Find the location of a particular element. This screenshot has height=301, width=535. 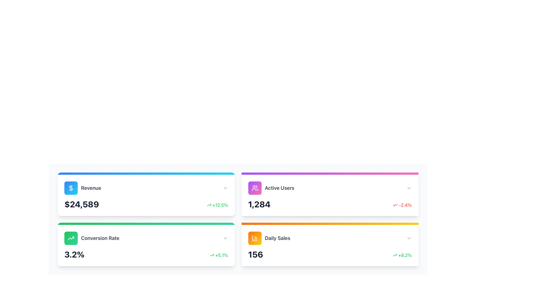

the decorative bar located at the top section of the 'Daily Sales' card, which is visually indicative and serves as a highlight above the card's text and data content is located at coordinates (330, 223).